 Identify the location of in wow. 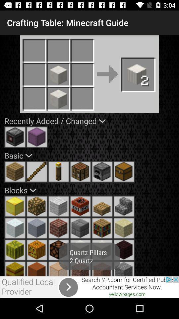
(15, 206).